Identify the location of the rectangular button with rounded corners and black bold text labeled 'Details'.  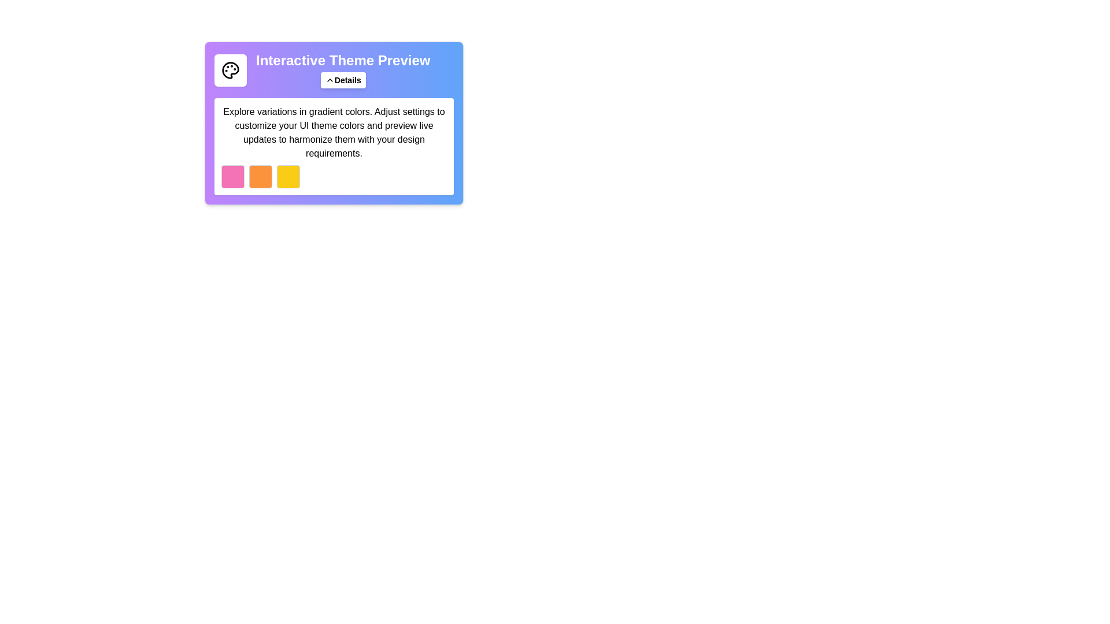
(342, 79).